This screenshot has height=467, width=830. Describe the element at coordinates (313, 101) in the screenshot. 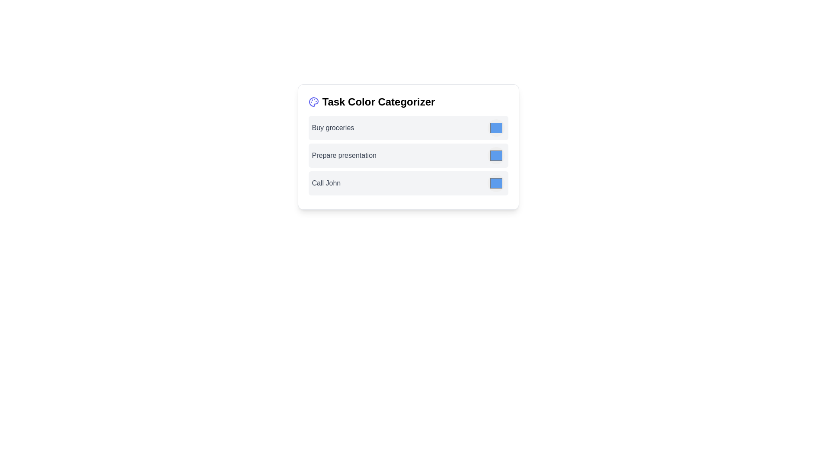

I see `the indigo palette icon located in the top-left corner of the 'Task Color Categorizer' card header` at that location.